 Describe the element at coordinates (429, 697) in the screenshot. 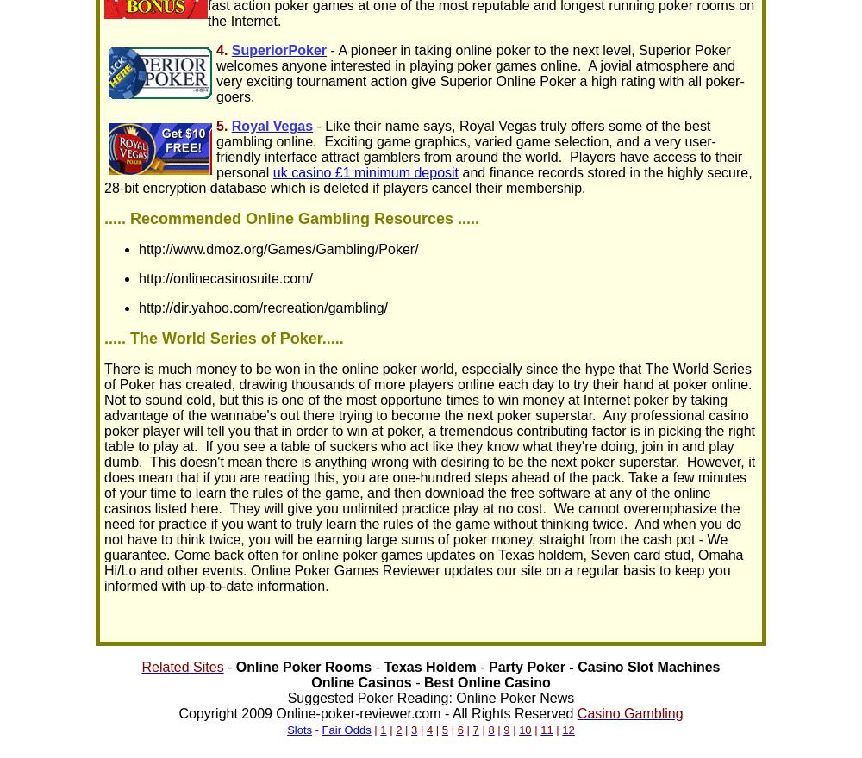

I see `'Suggested Poker Reading: Online Poker News'` at that location.